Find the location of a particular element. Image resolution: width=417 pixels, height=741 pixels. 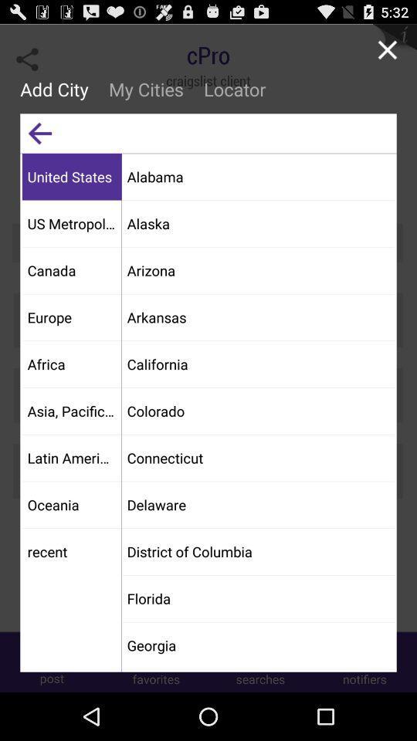

the georgia app is located at coordinates (258, 645).